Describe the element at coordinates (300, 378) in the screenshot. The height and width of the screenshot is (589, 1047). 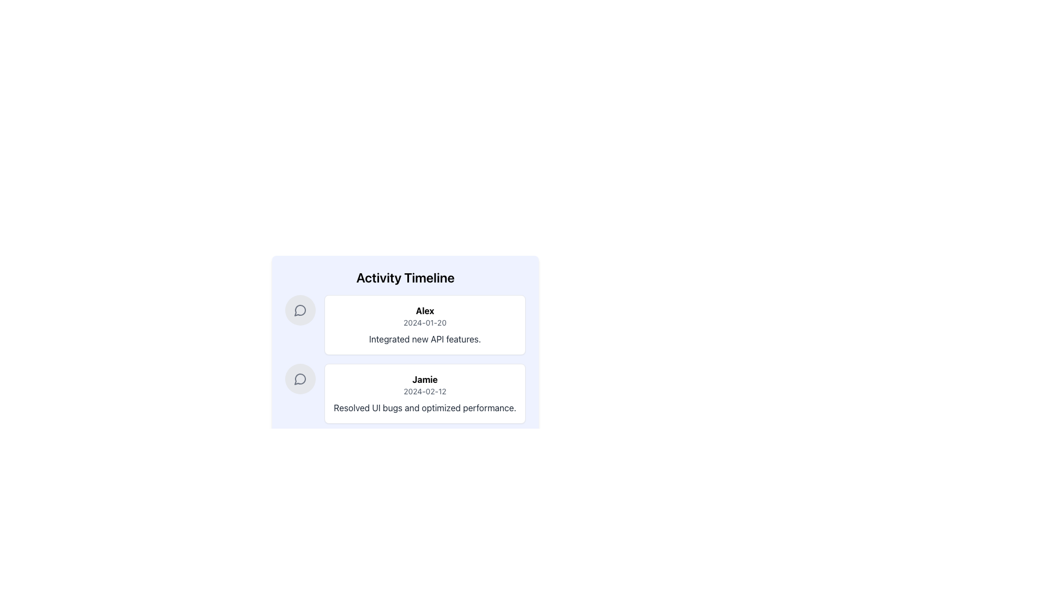
I see `the circular speech bubble icon with a gray background and a white interior, associated with the list entry labeled 'Jamie'` at that location.